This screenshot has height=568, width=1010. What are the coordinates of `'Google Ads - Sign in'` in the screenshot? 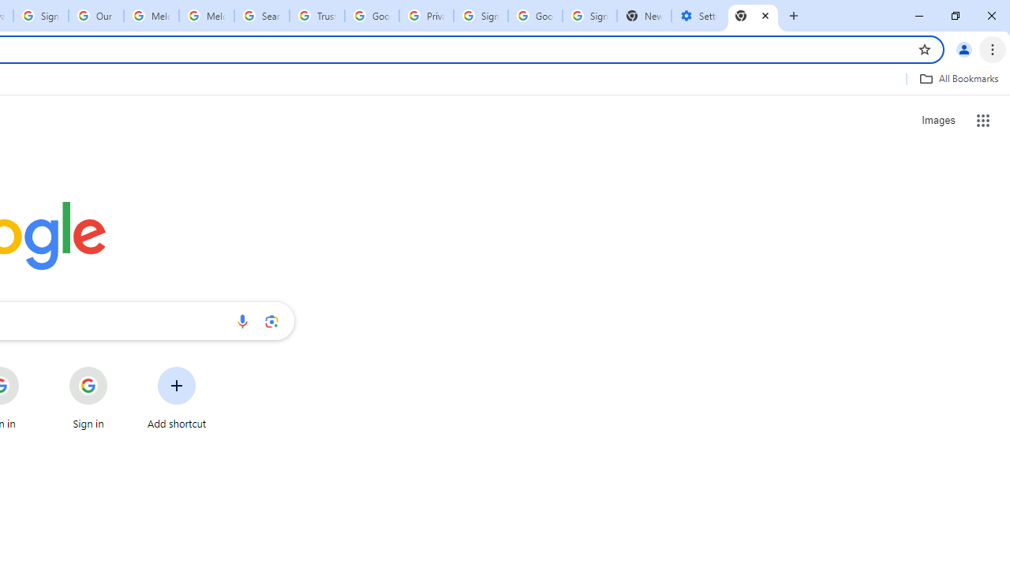 It's located at (371, 16).